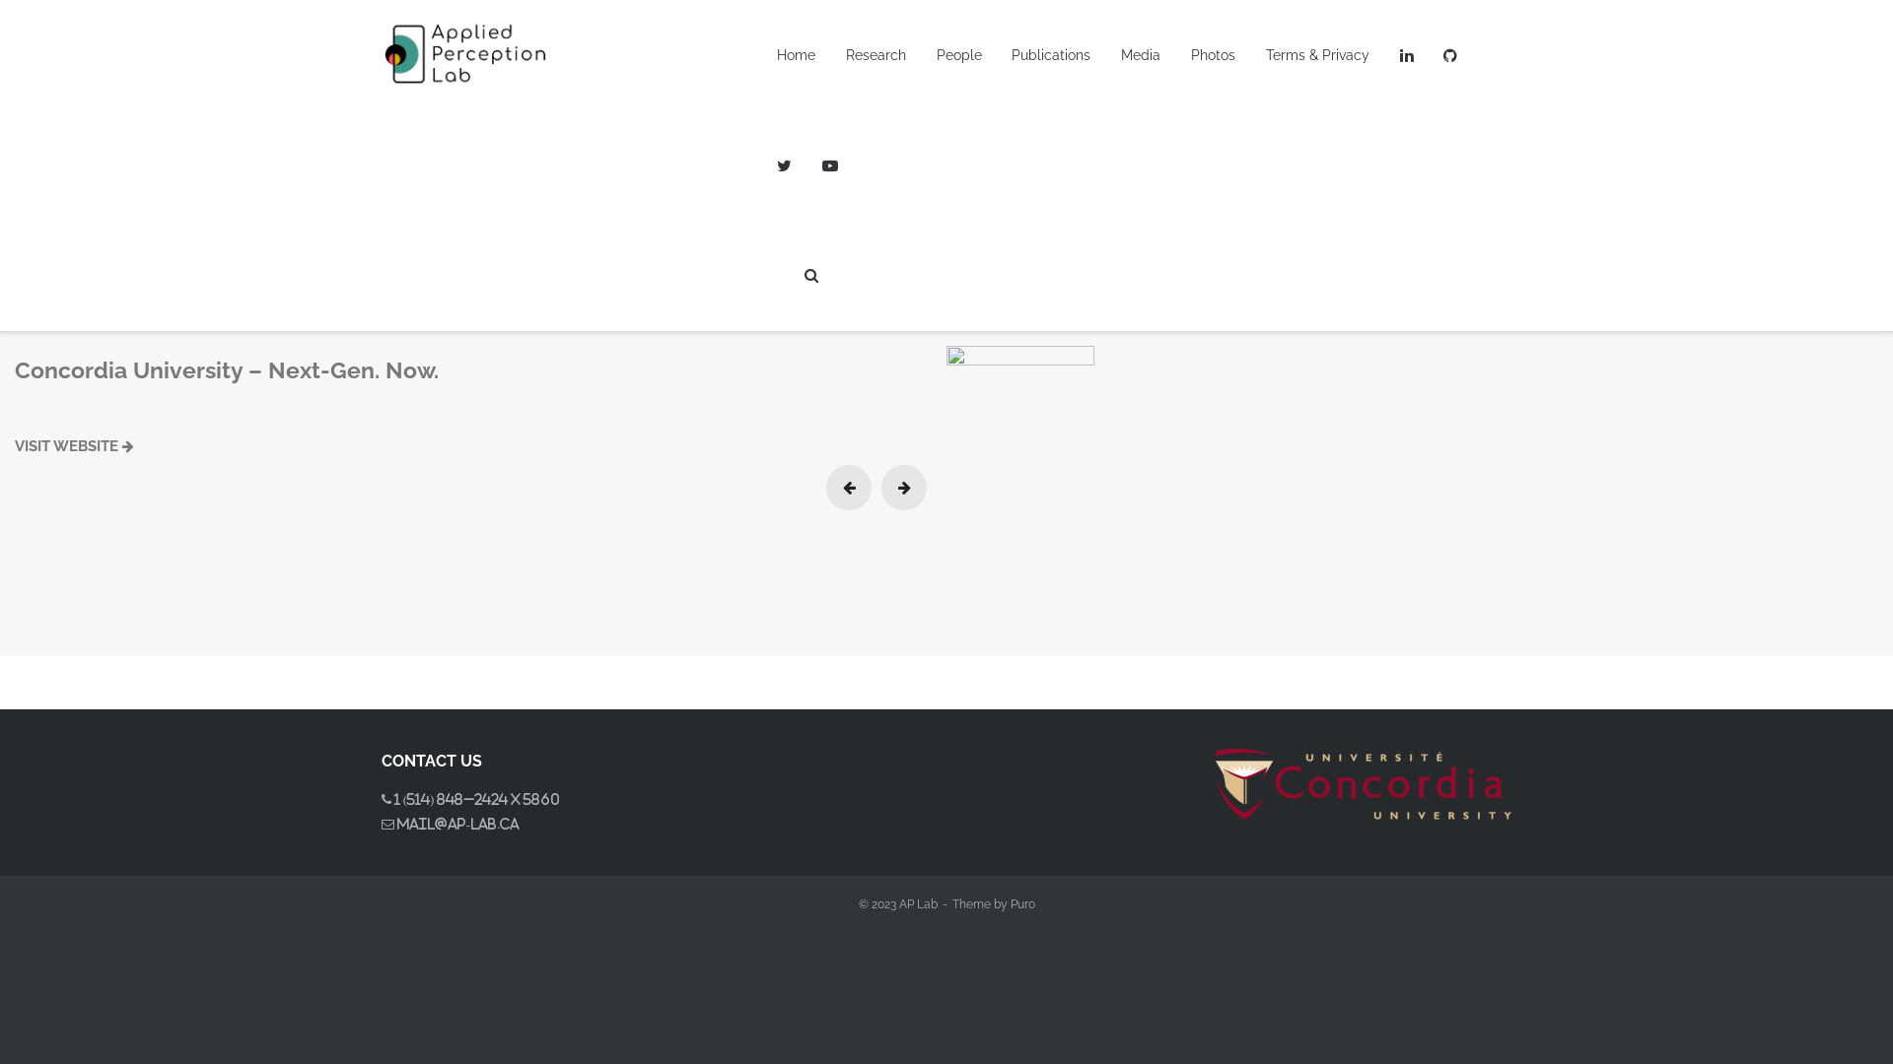  I want to click on 'mail@ap-lab.ca', so click(393, 824).